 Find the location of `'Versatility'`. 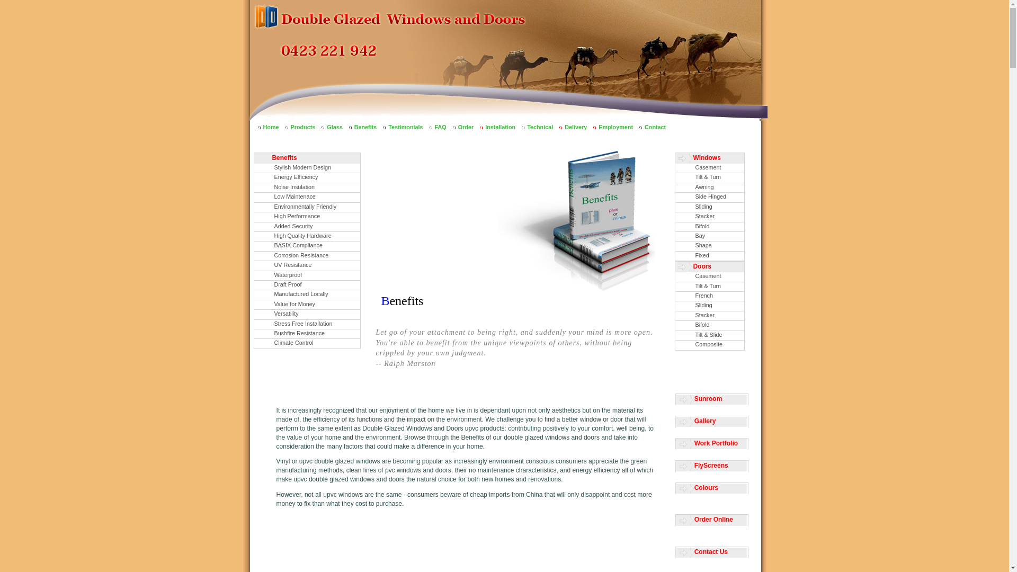

'Versatility' is located at coordinates (307, 314).